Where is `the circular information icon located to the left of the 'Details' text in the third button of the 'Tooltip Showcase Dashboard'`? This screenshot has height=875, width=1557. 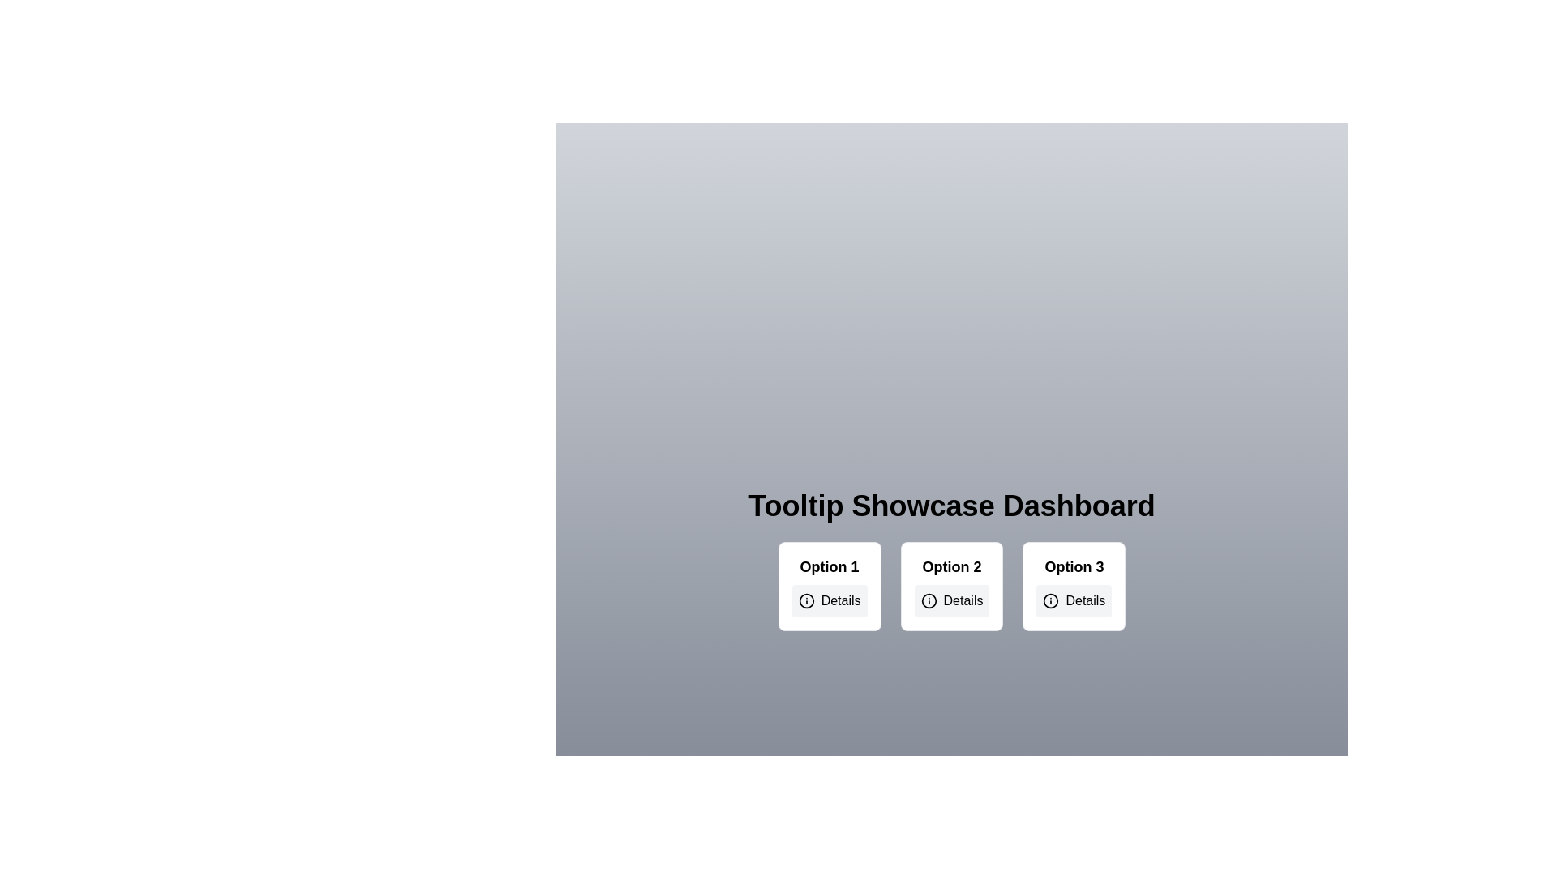
the circular information icon located to the left of the 'Details' text in the third button of the 'Tooltip Showcase Dashboard' is located at coordinates (1051, 600).